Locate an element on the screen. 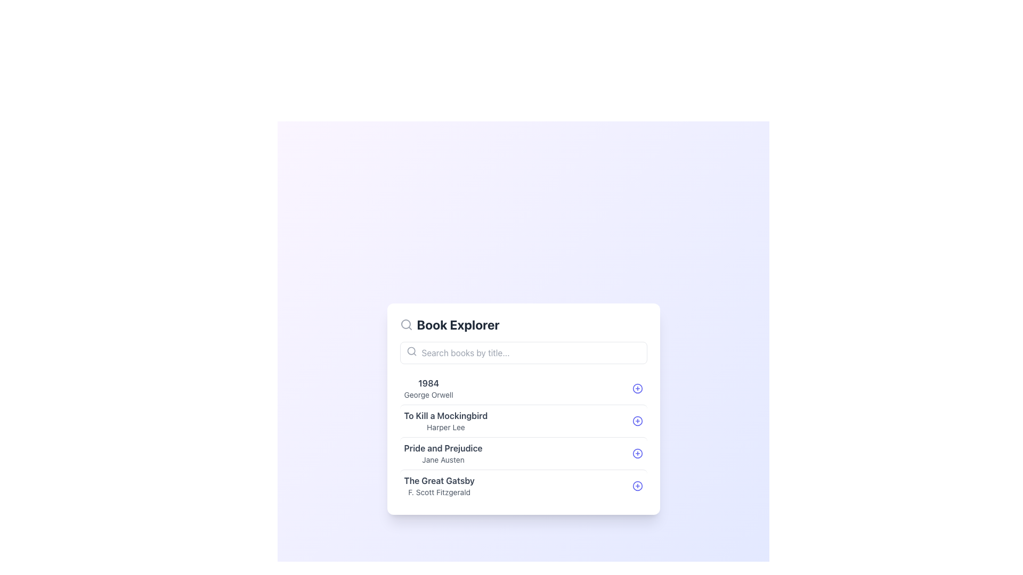 The image size is (1023, 575). the static text label displaying 'George Orwell', which is located directly below the title '1984' in the book list section is located at coordinates (428, 395).